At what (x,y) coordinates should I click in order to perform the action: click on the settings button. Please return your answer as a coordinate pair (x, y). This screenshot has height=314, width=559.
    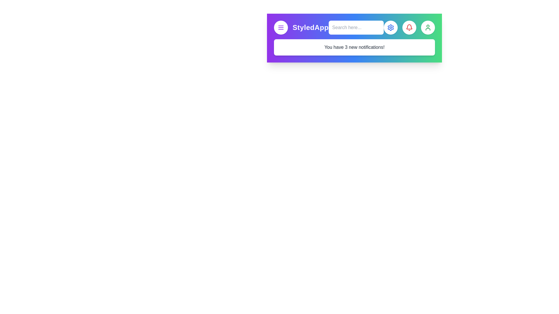
    Looking at the image, I should click on (391, 28).